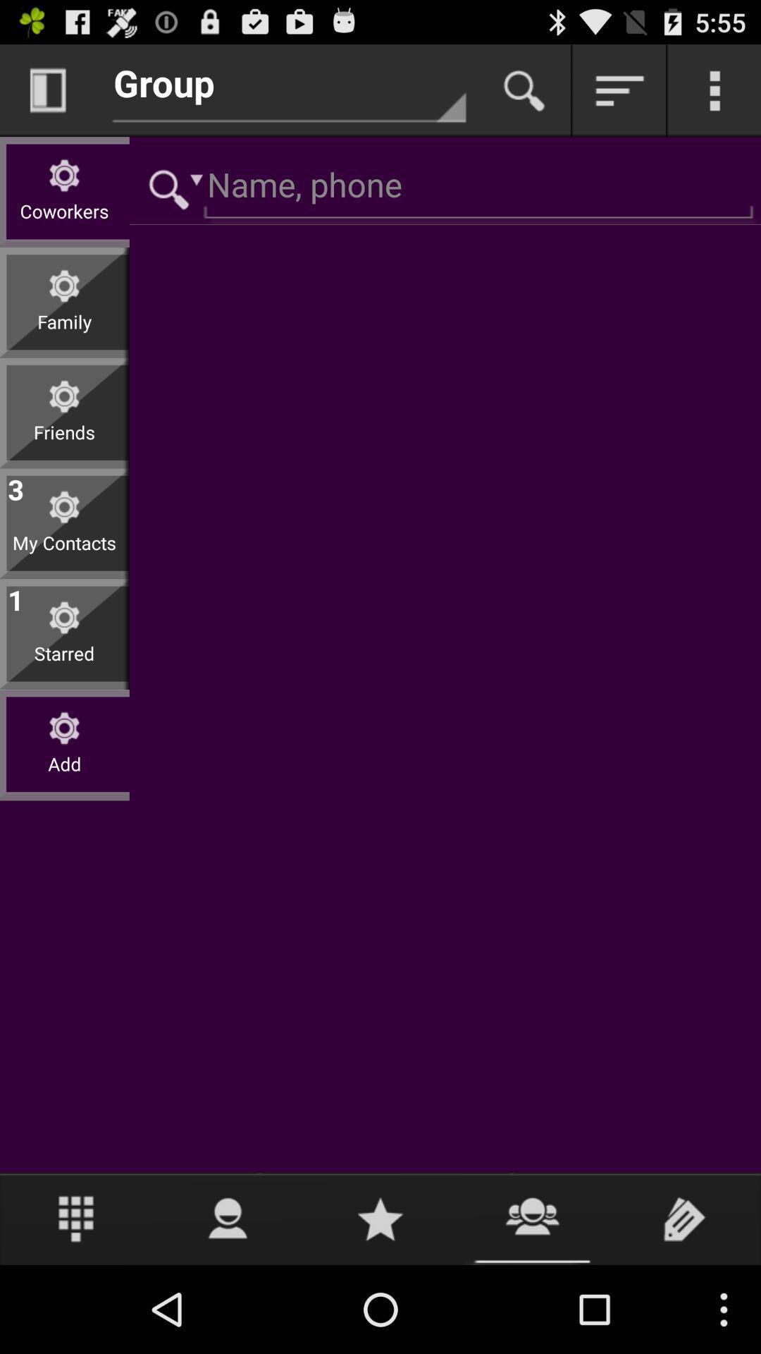 Image resolution: width=761 pixels, height=1354 pixels. Describe the element at coordinates (64, 221) in the screenshot. I see `the coworkers item` at that location.